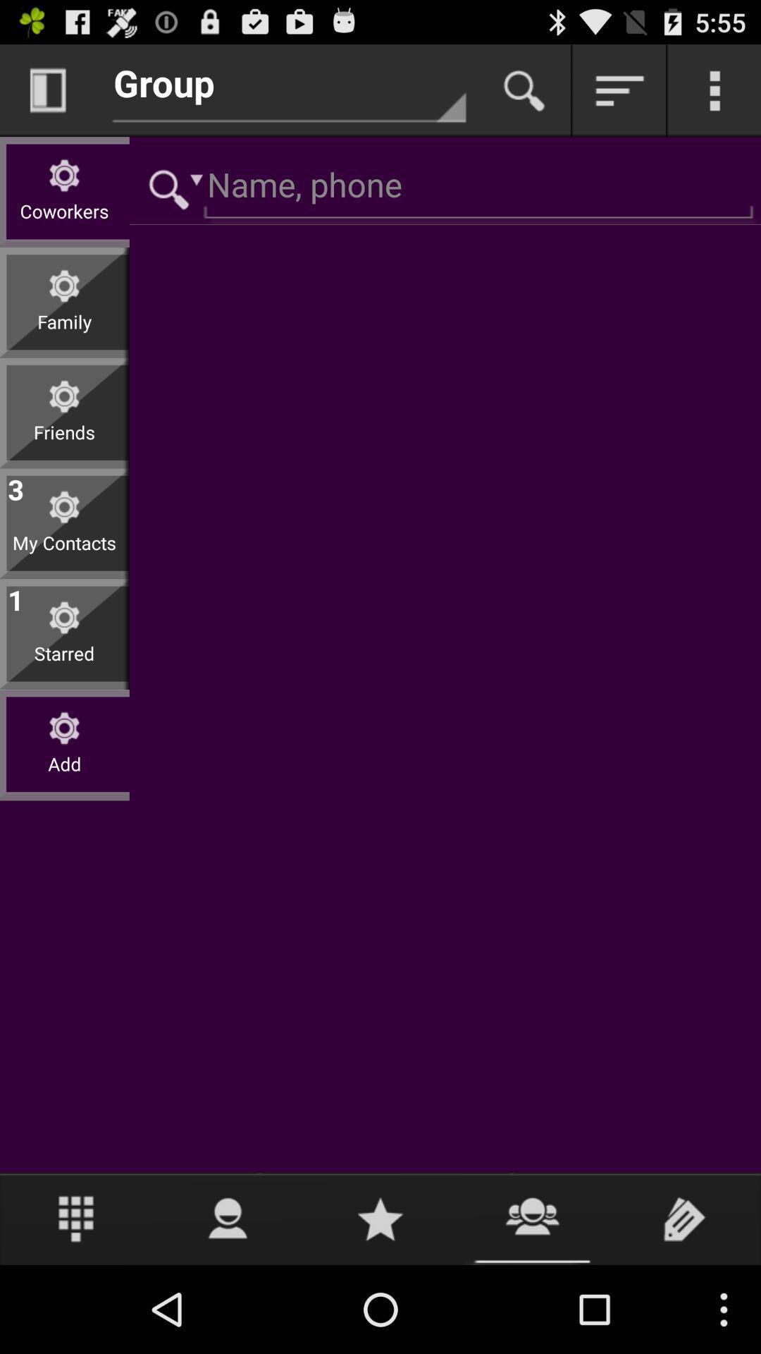 Image resolution: width=761 pixels, height=1354 pixels. Describe the element at coordinates (64, 221) in the screenshot. I see `the coworkers item` at that location.